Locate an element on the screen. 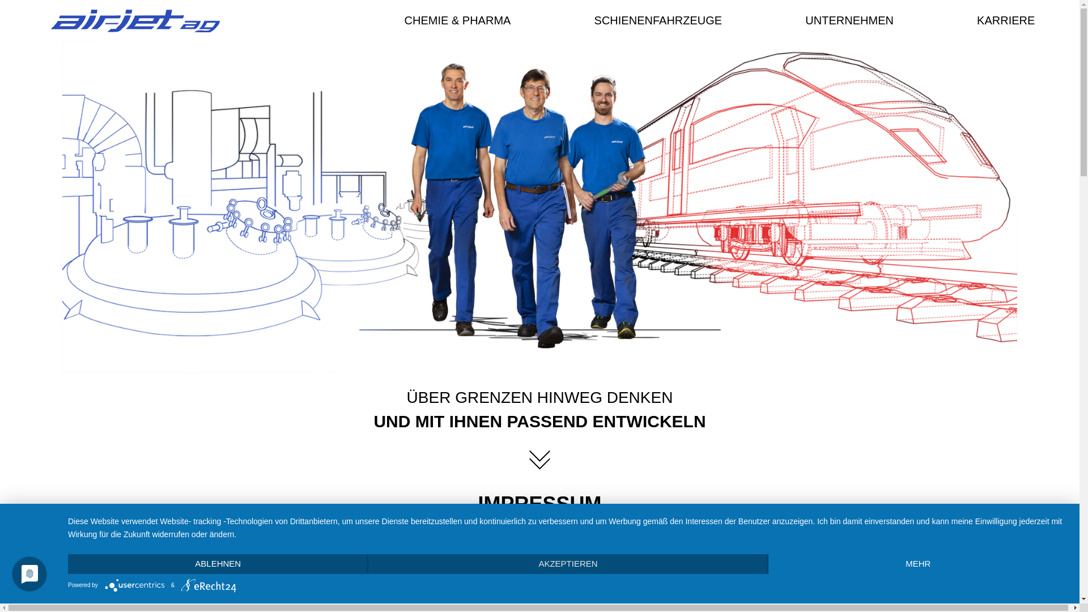 The height and width of the screenshot is (612, 1088). 'UNTERNEHMEN' is located at coordinates (852, 20).